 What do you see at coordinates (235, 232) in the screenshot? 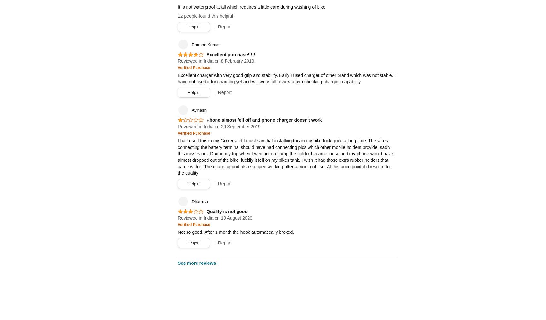
I see `'Not so good. After 1 month the hook automatically broked.'` at bounding box center [235, 232].